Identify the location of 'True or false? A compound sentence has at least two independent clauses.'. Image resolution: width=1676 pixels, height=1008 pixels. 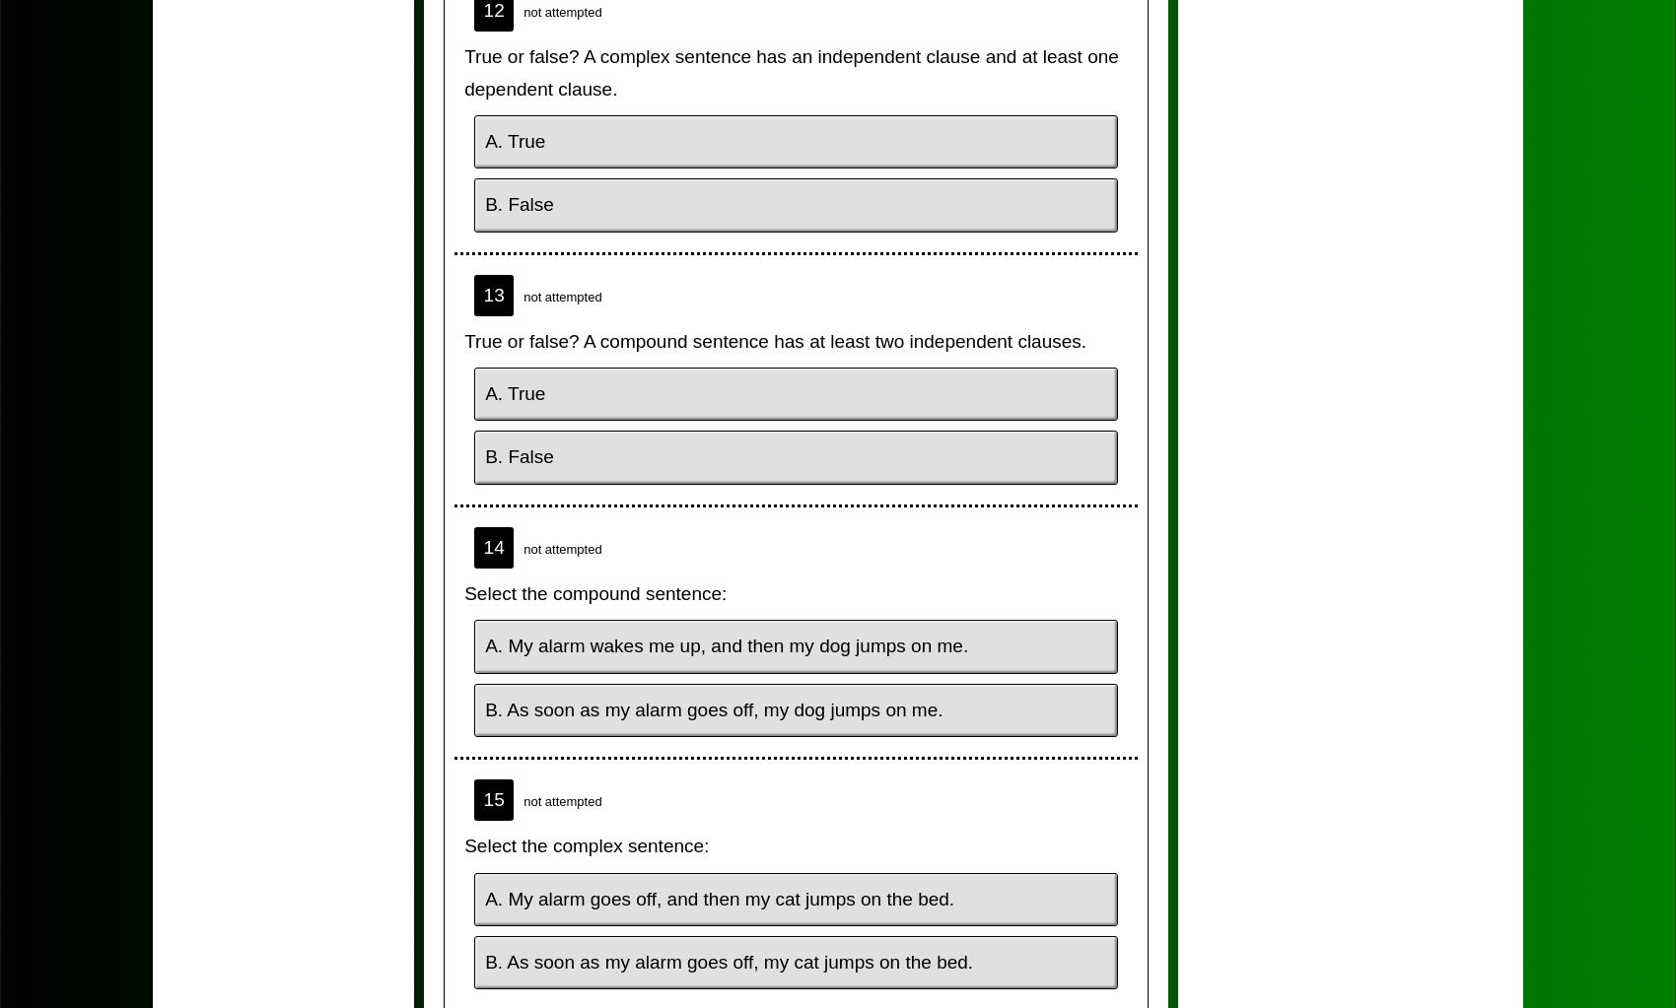
(774, 340).